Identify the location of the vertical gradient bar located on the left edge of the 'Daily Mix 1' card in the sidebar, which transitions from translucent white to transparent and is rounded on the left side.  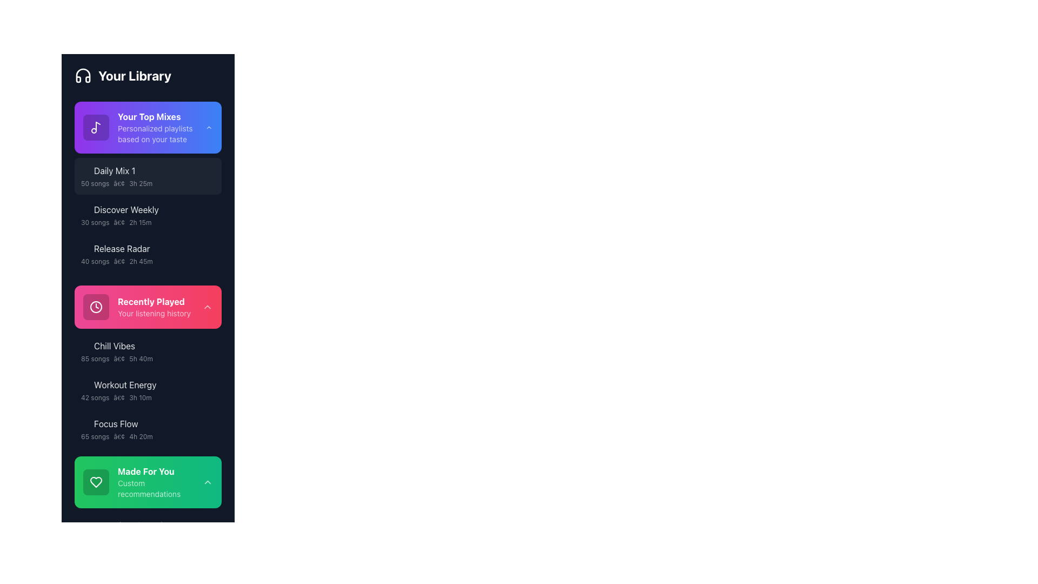
(75, 176).